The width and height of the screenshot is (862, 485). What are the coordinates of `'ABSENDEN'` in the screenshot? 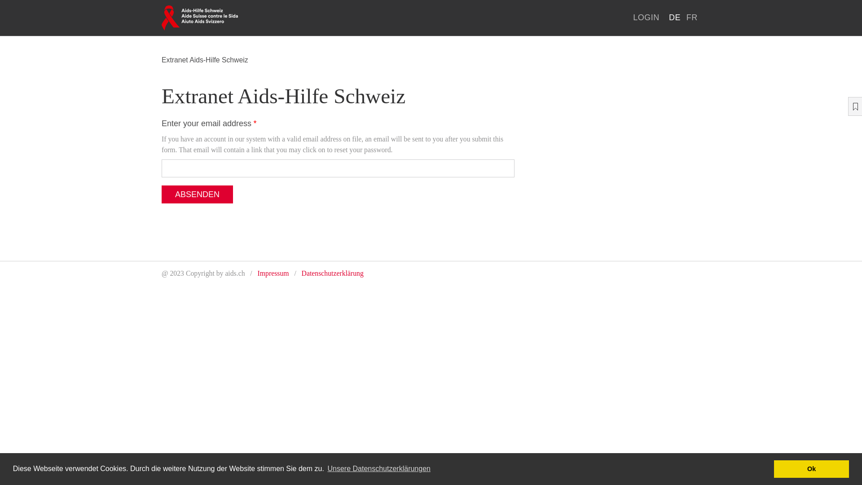 It's located at (162, 194).